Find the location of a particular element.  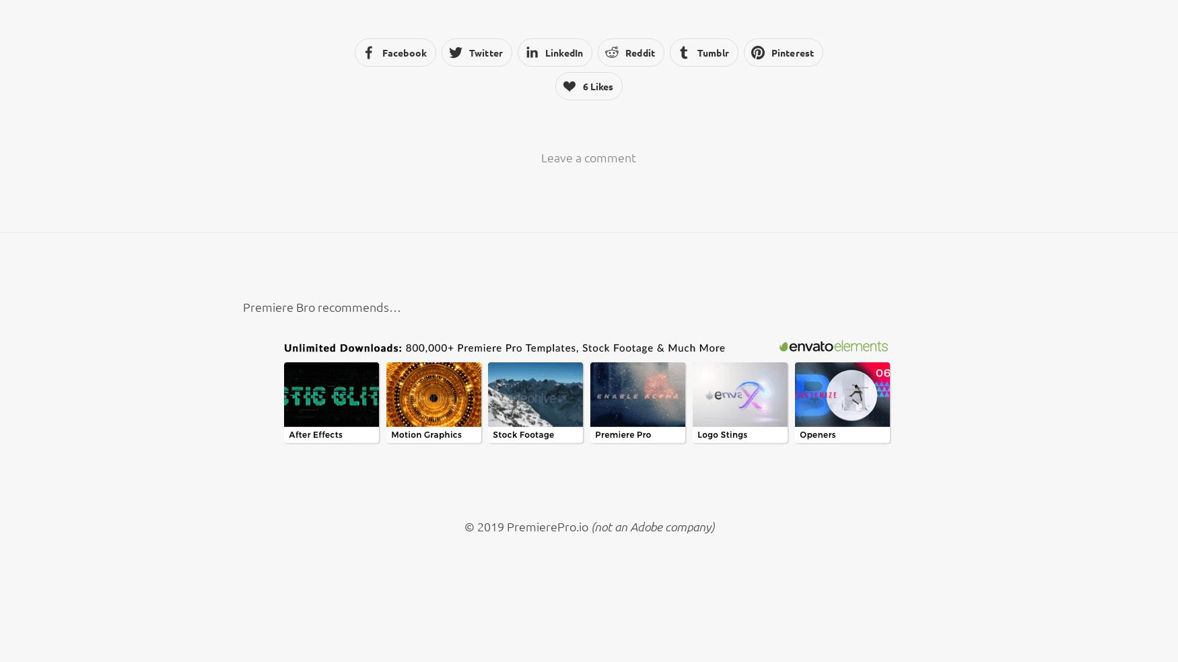

'Tumblr' is located at coordinates (712, 51).